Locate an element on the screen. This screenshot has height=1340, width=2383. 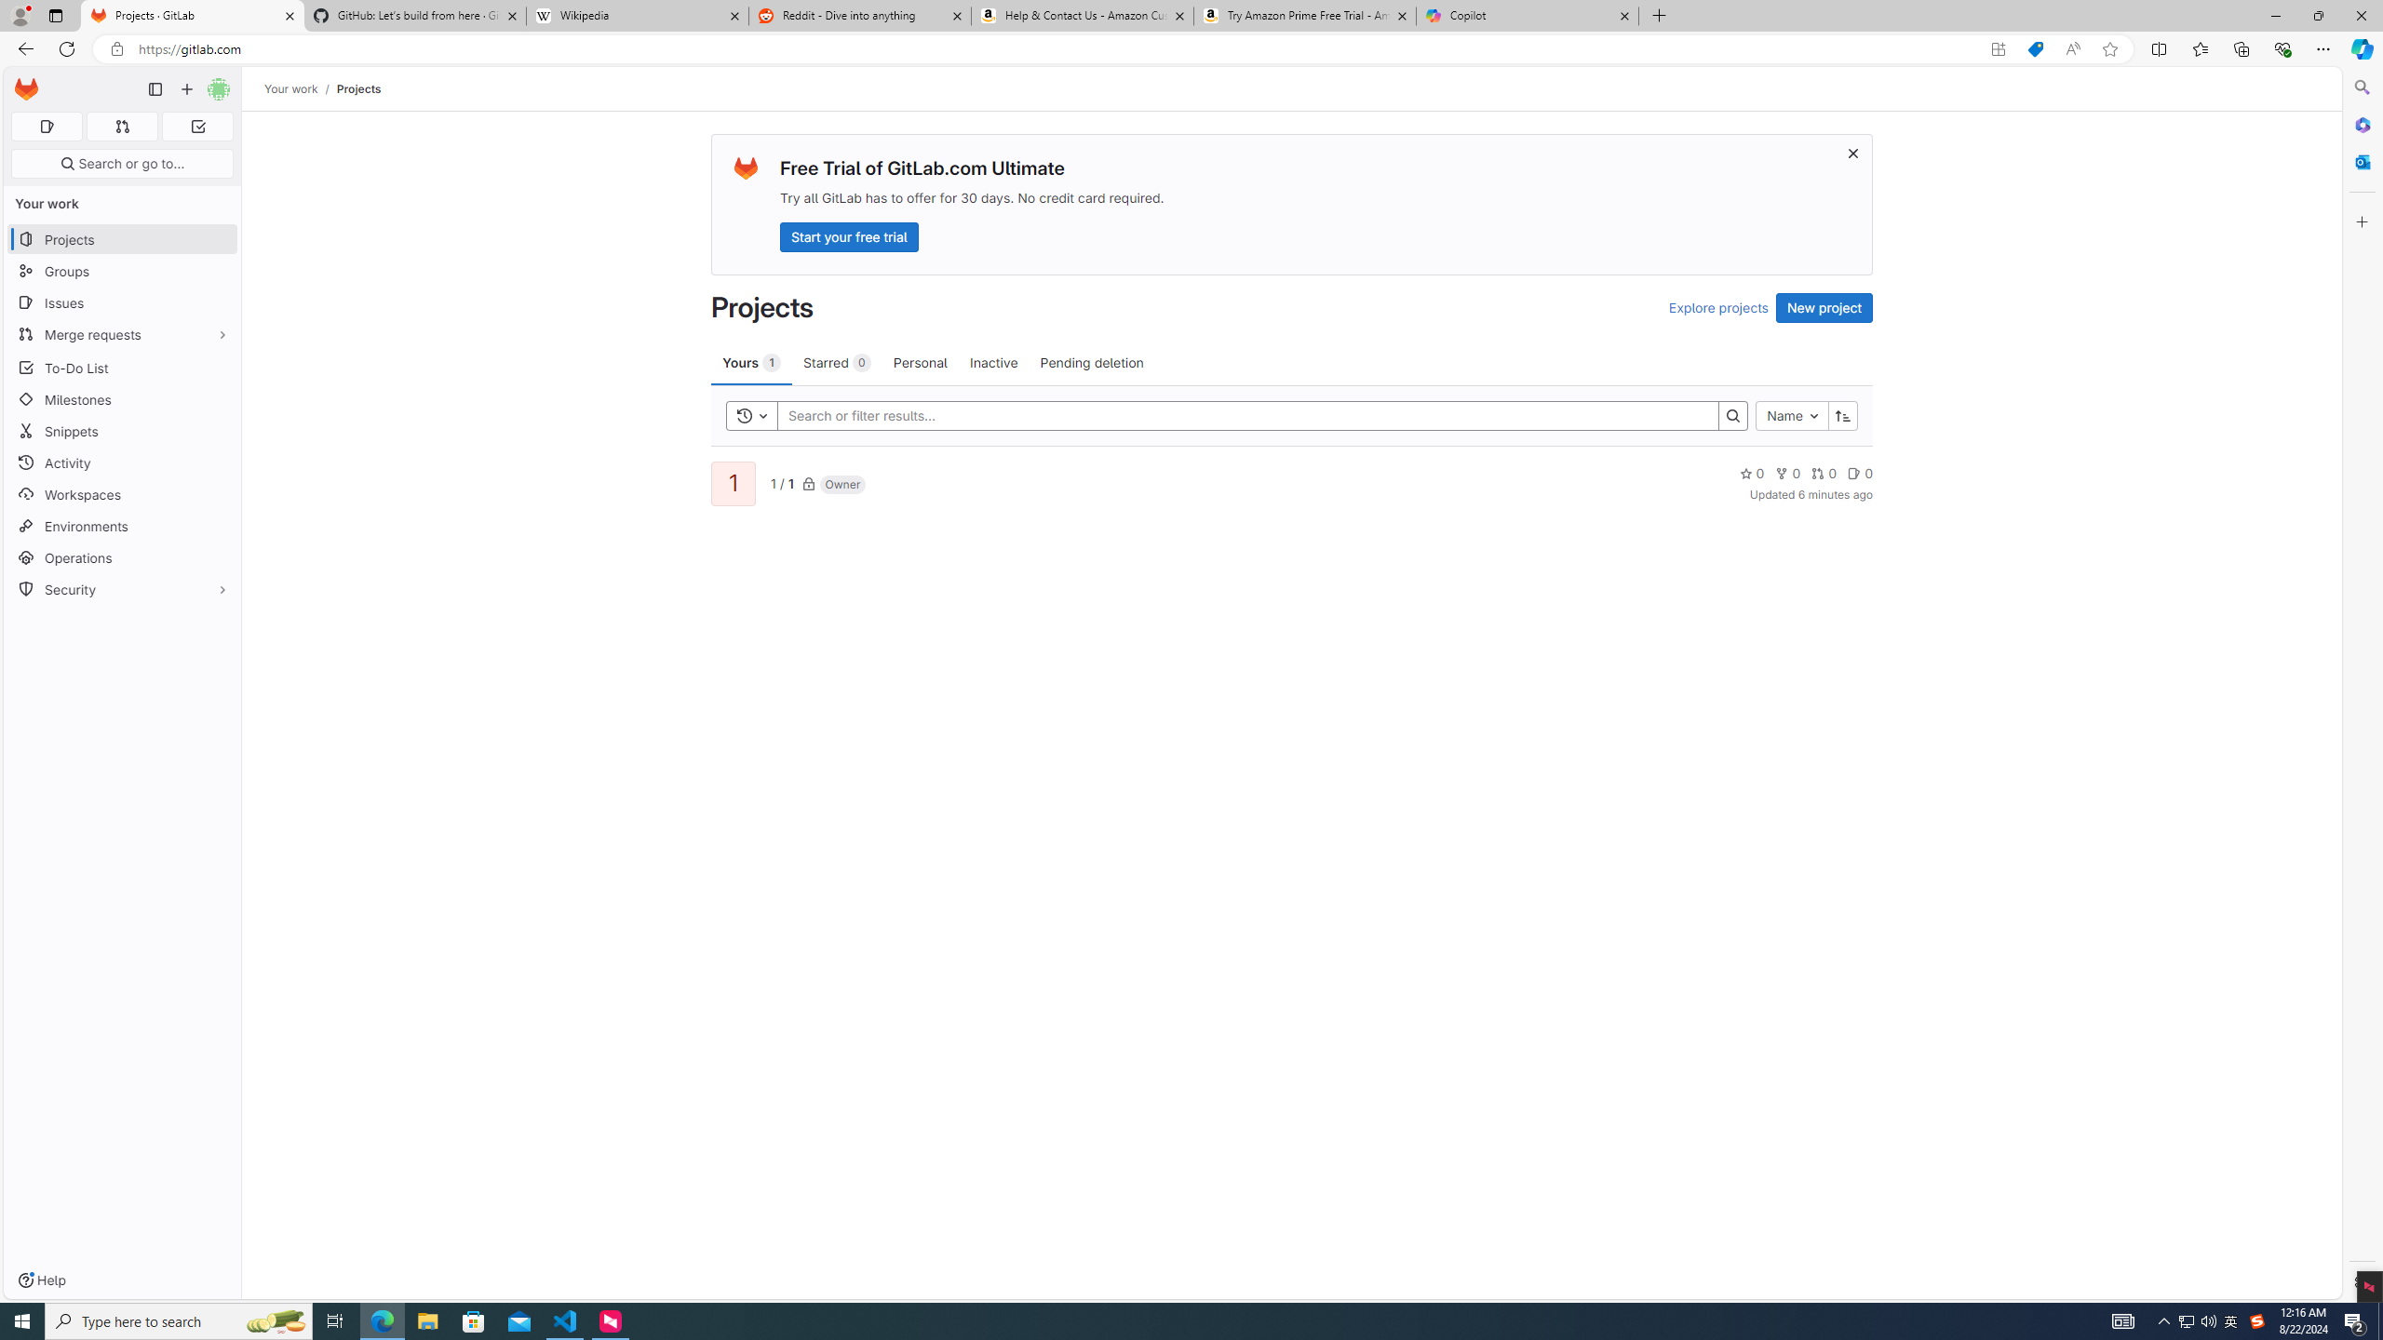
'To-Do List' is located at coordinates (121, 367).